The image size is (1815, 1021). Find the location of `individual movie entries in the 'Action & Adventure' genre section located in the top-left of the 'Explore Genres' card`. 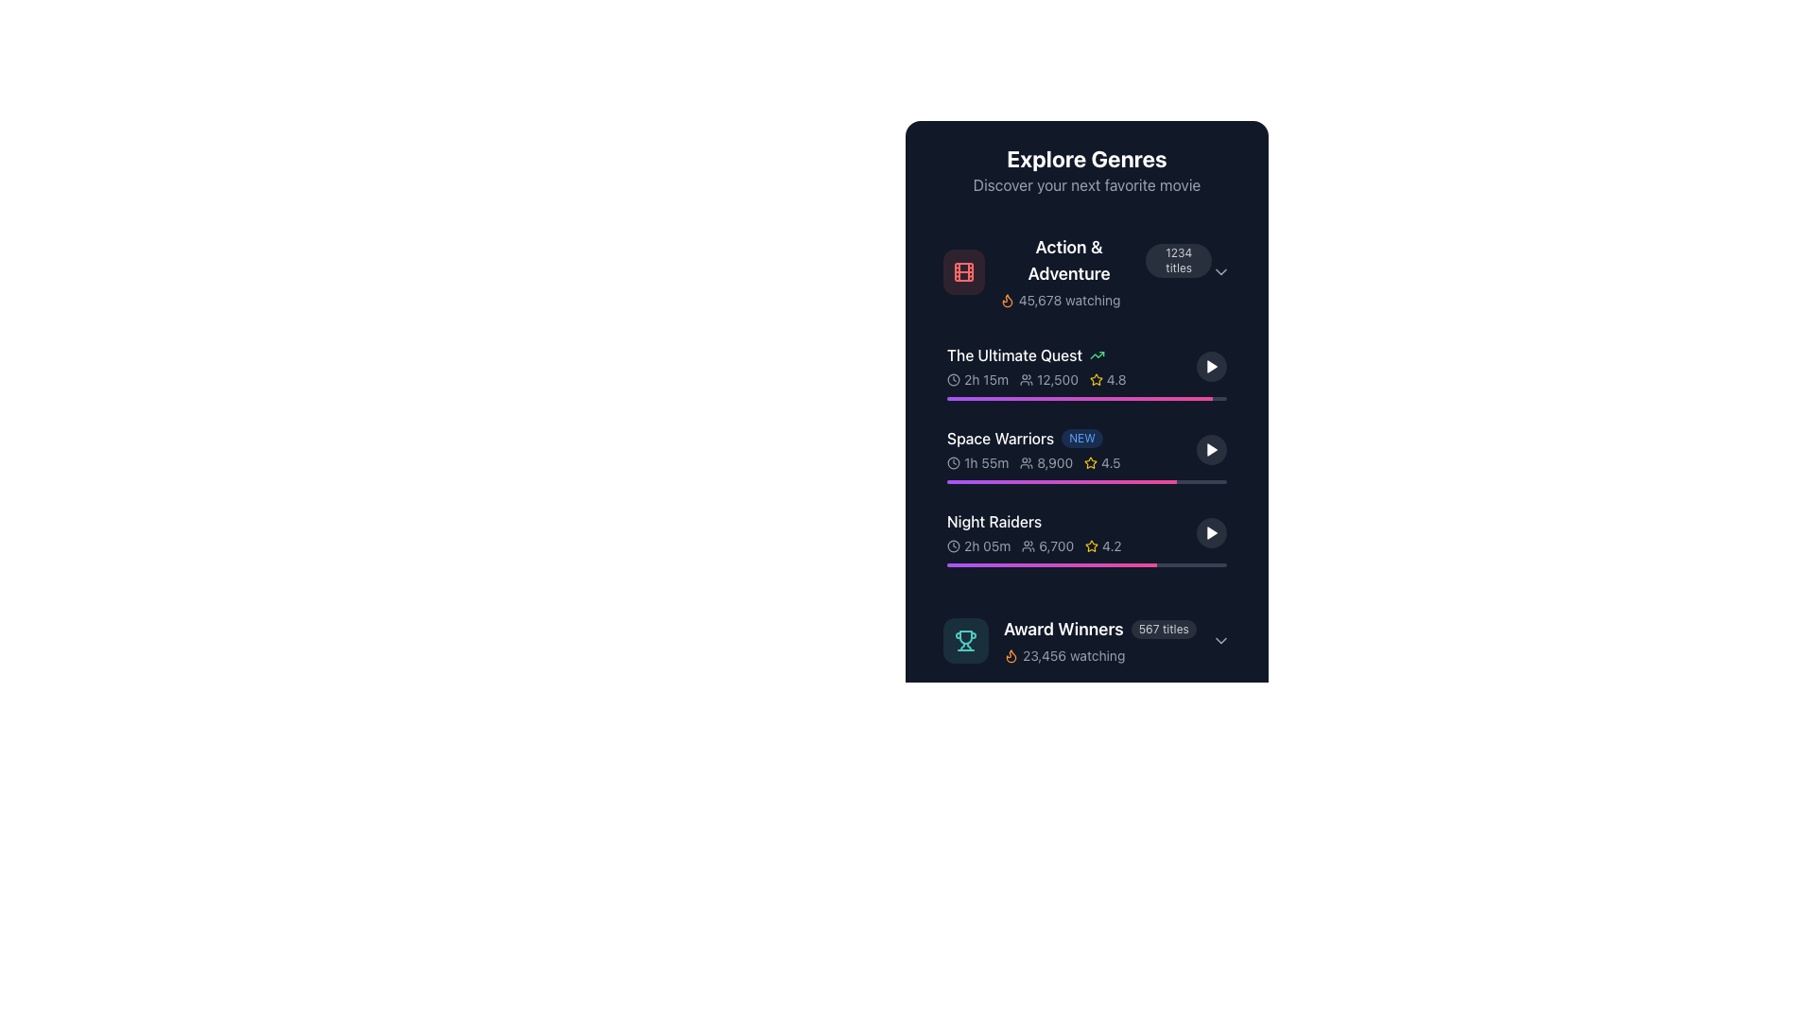

individual movie entries in the 'Action & Adventure' genre section located in the top-left of the 'Explore Genres' card is located at coordinates (1087, 401).